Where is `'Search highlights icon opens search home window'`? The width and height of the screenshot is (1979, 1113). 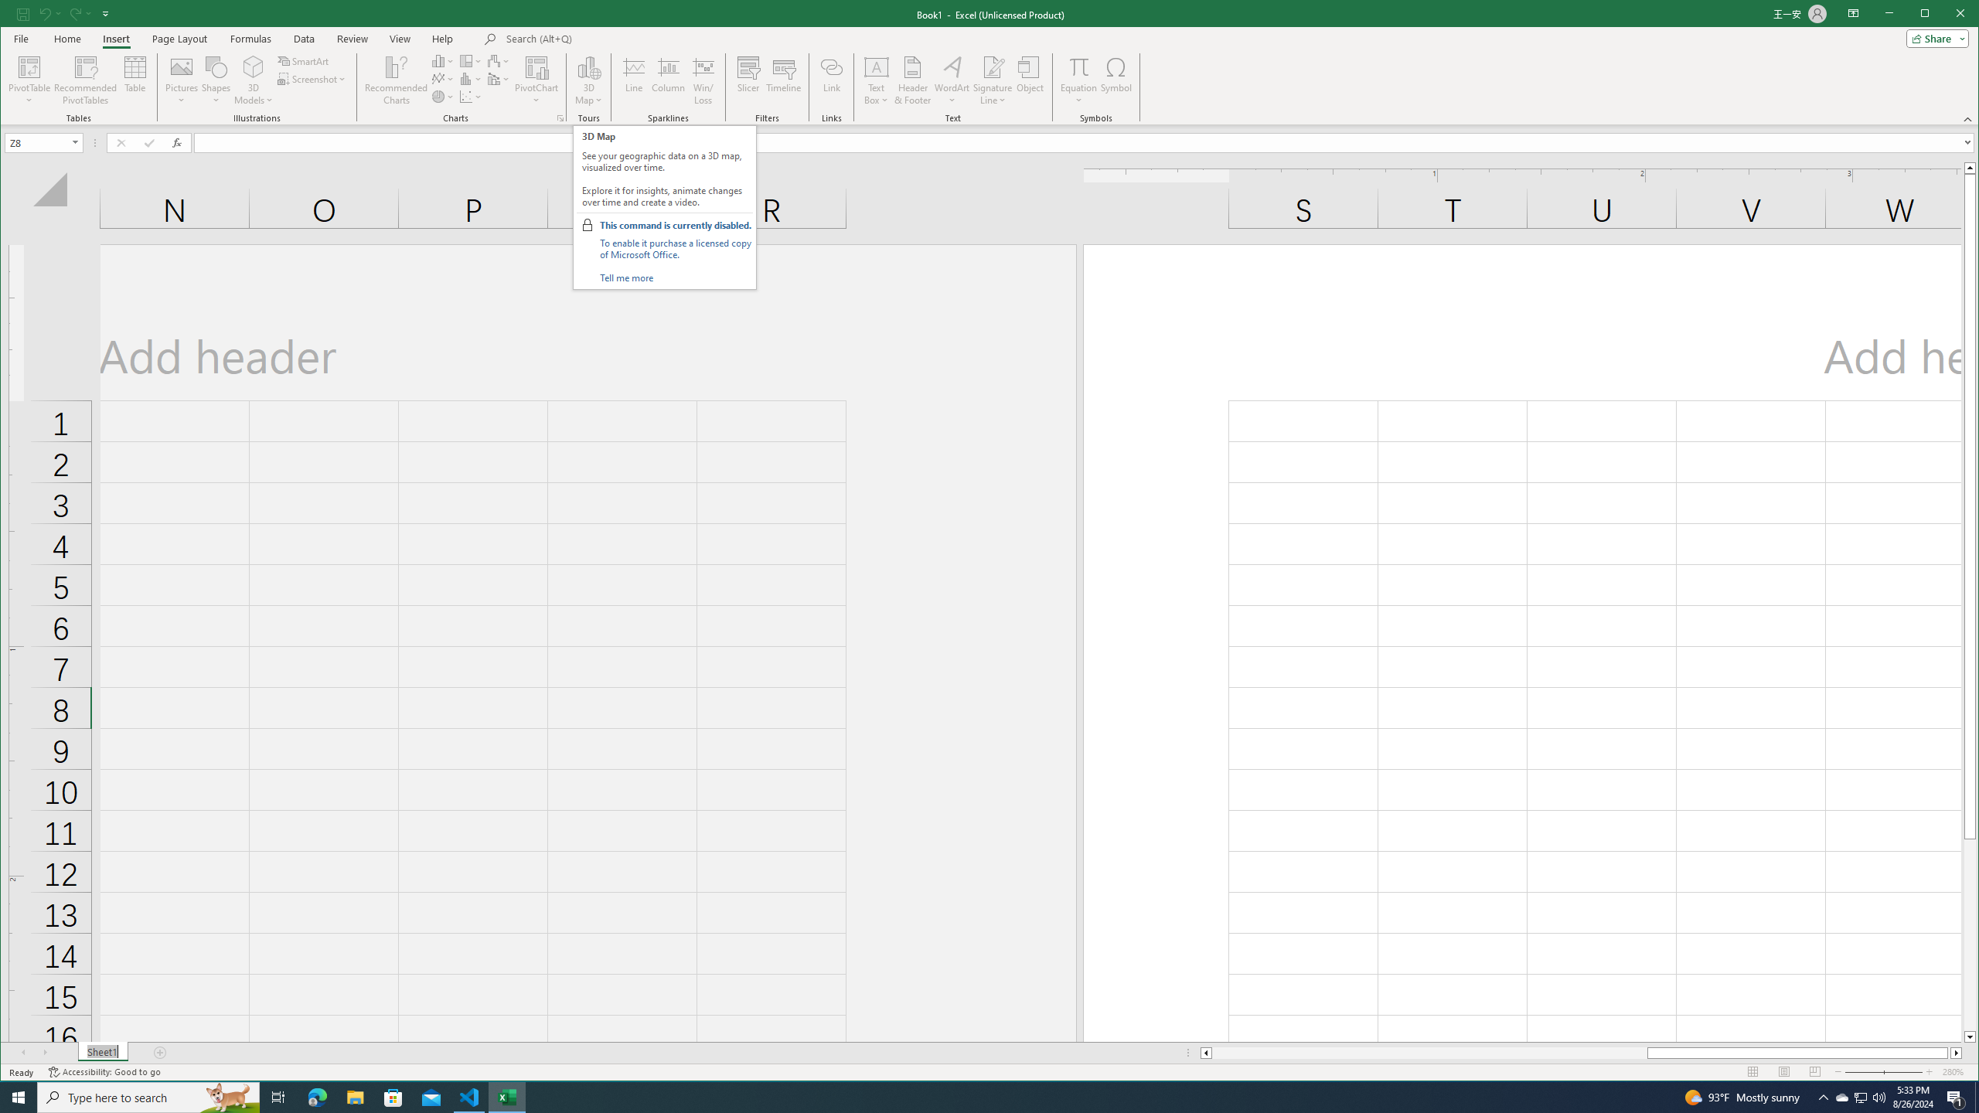
'Search highlights icon opens search home window' is located at coordinates (227, 1096).